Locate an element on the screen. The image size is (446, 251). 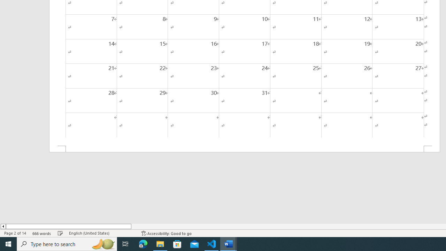
'Column left' is located at coordinates (3, 226).